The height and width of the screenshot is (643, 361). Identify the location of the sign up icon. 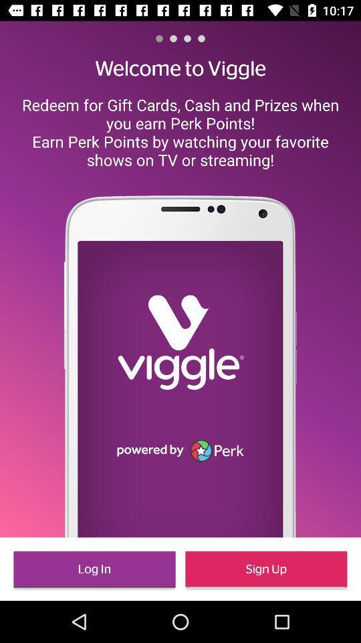
(266, 568).